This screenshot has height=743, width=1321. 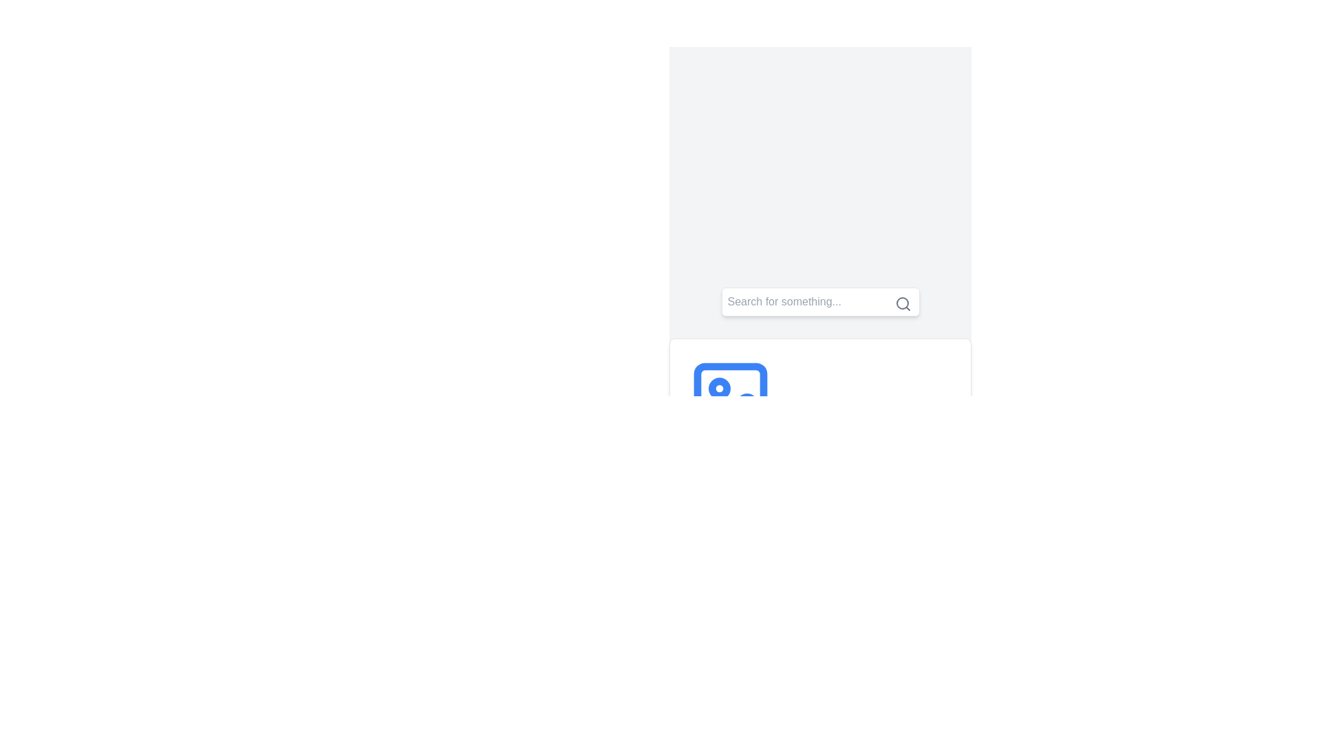 What do you see at coordinates (903, 303) in the screenshot?
I see `the search icon located at the top-right corner of the input field to initiate a search operation` at bounding box center [903, 303].